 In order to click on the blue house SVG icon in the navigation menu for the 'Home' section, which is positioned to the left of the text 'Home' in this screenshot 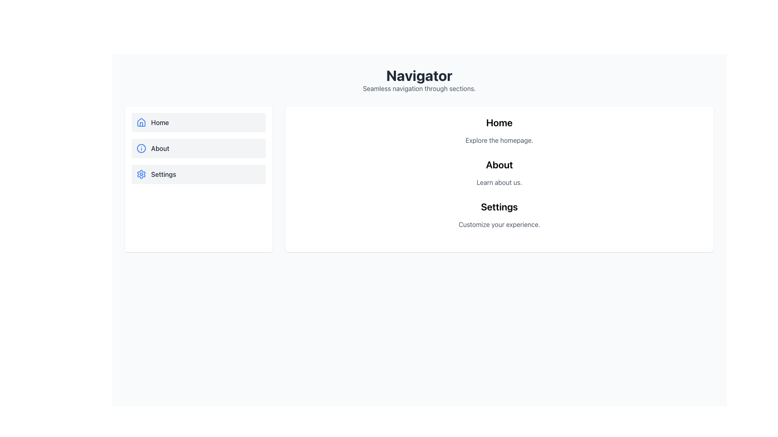, I will do `click(141, 123)`.